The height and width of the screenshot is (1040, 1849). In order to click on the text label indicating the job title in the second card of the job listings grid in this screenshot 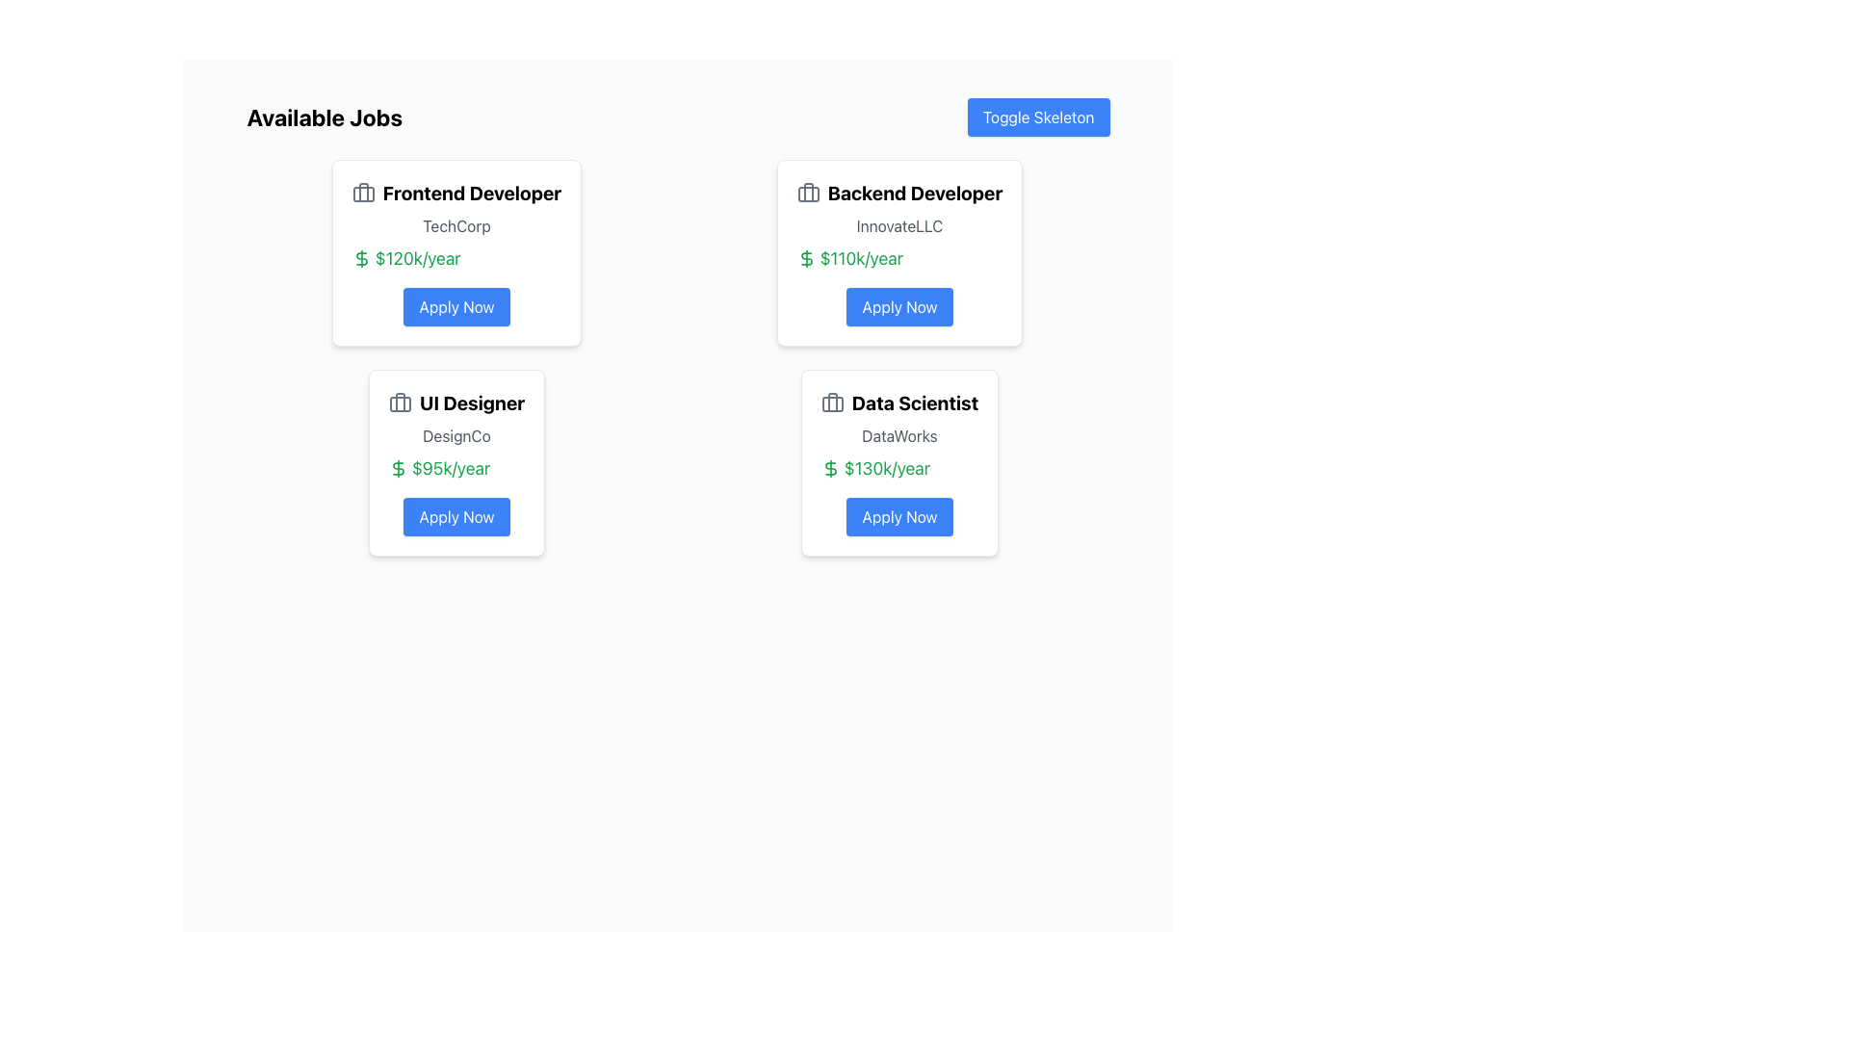, I will do `click(456, 403)`.